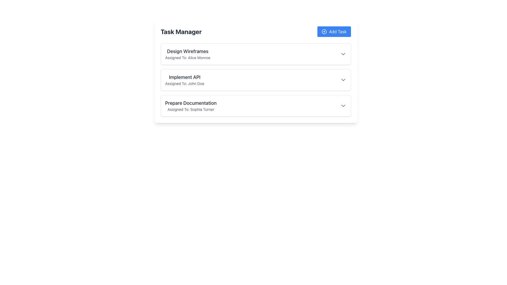 This screenshot has height=285, width=507. Describe the element at coordinates (343, 80) in the screenshot. I see `the downward-facing chevron icon in the task card for 'Implement API'` at that location.